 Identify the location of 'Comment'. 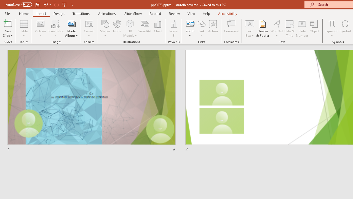
(231, 28).